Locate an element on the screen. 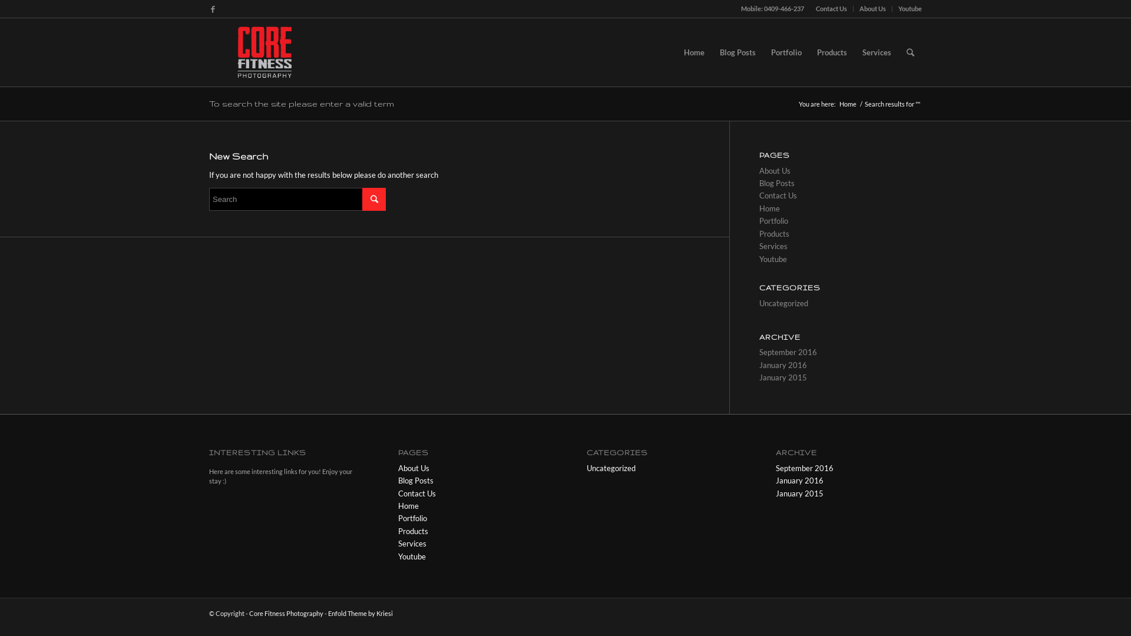 This screenshot has width=1131, height=636. 'Contact Us' is located at coordinates (778, 194).